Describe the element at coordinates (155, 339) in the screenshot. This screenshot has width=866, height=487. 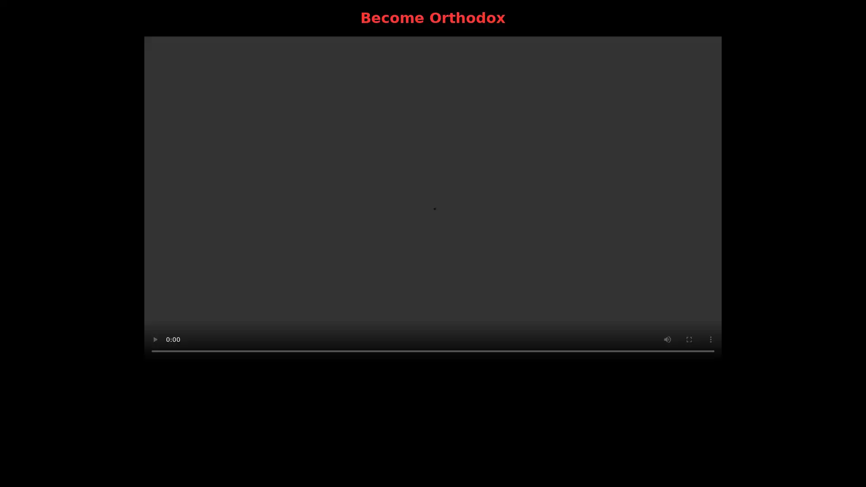
I see `play` at that location.